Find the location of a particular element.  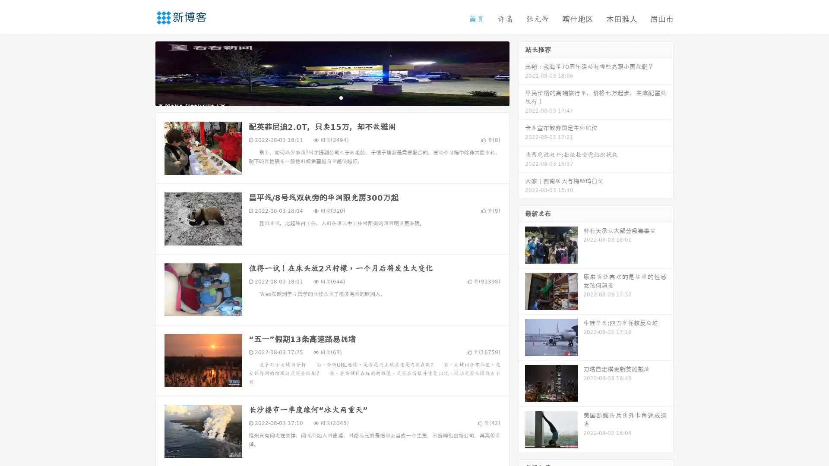

Go to slide 1 is located at coordinates (323, 97).